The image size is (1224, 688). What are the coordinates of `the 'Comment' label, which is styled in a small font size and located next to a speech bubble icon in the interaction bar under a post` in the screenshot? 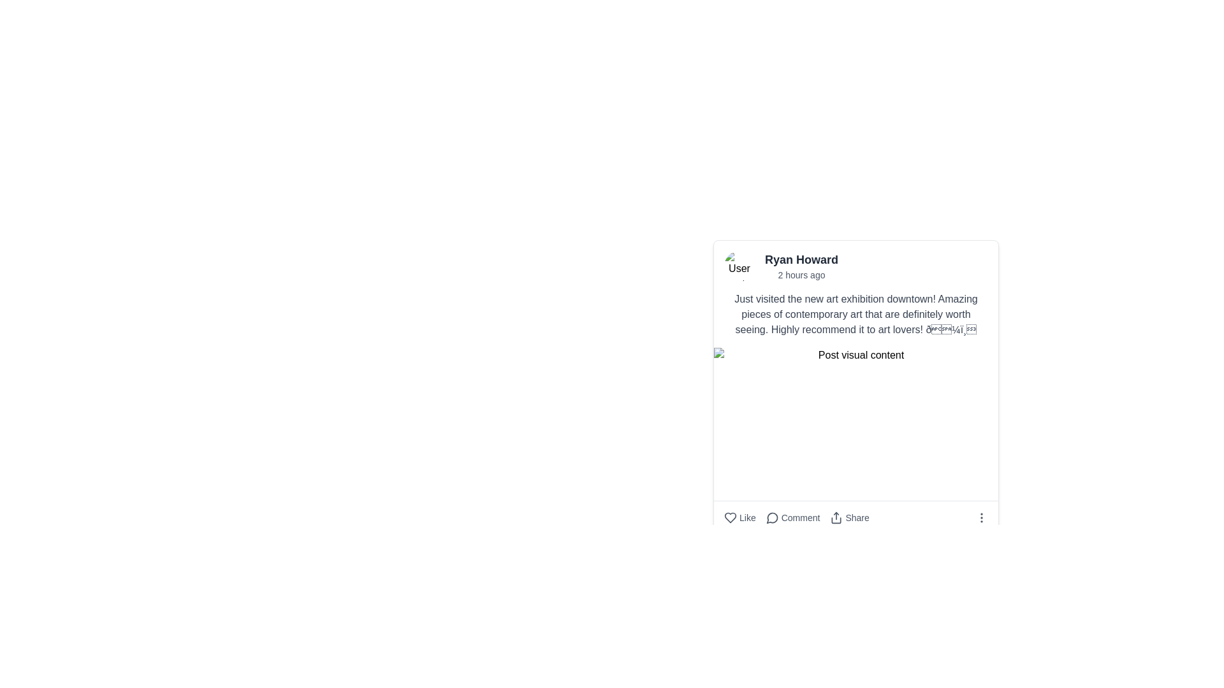 It's located at (800, 518).